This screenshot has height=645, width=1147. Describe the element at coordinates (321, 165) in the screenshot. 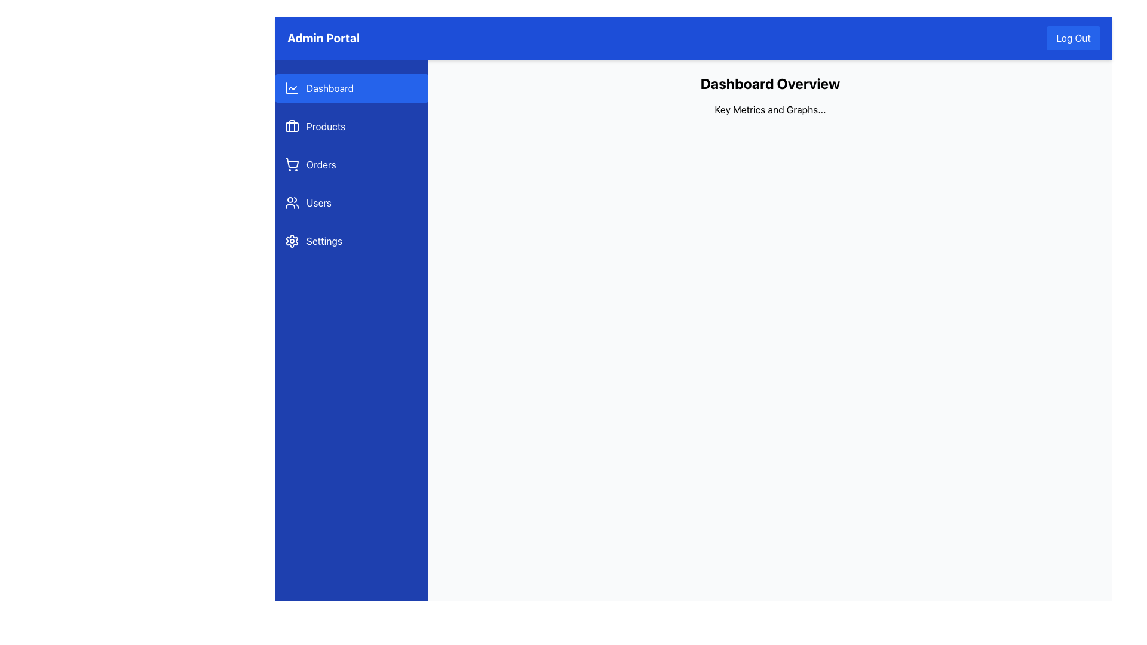

I see `the 'Orders' text label, which is styled in white text on a dark blue background and is located in the vertical navigation menu on the left side of the layout` at that location.